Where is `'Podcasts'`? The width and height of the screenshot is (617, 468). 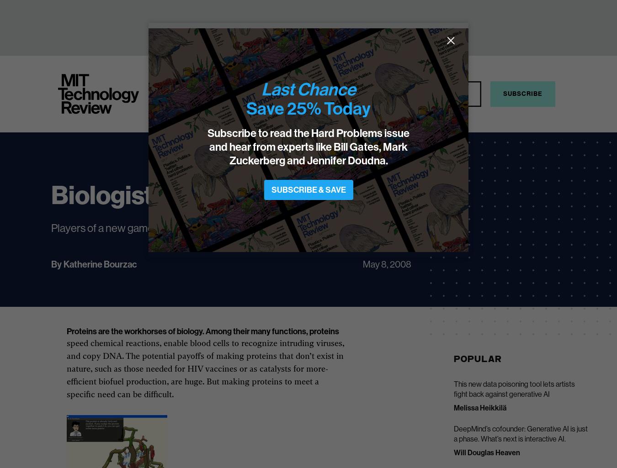
'Podcasts' is located at coordinates (394, 93).